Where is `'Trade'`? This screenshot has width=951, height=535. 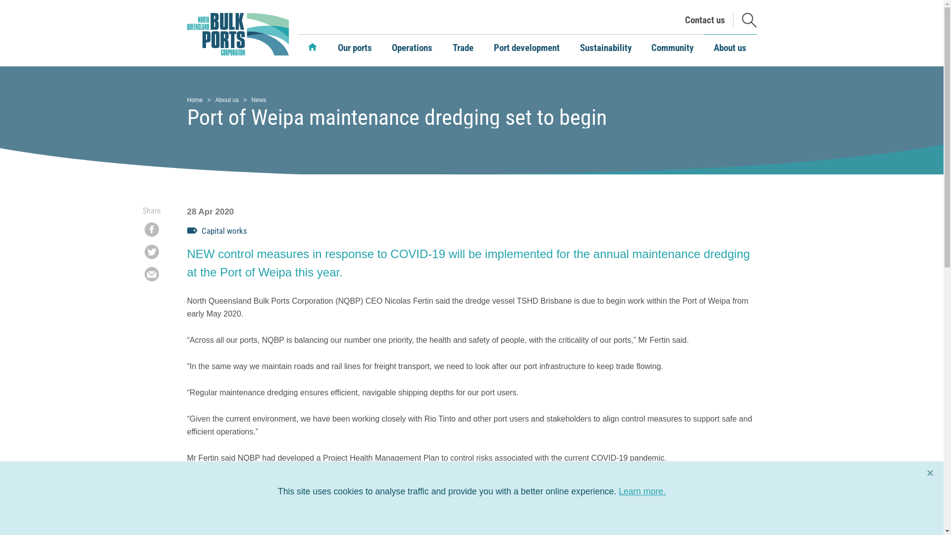 'Trade' is located at coordinates (463, 48).